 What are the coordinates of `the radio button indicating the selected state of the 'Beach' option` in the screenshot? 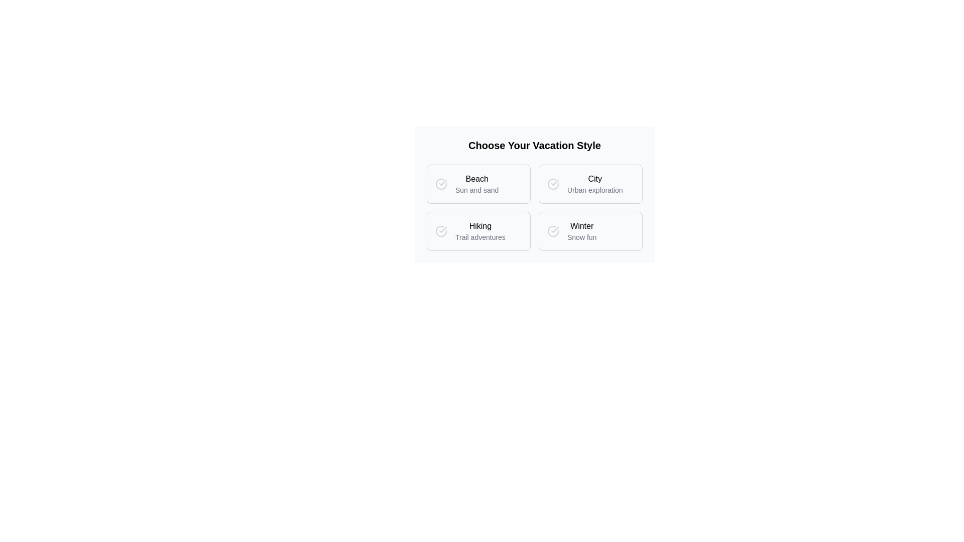 It's located at (441, 184).